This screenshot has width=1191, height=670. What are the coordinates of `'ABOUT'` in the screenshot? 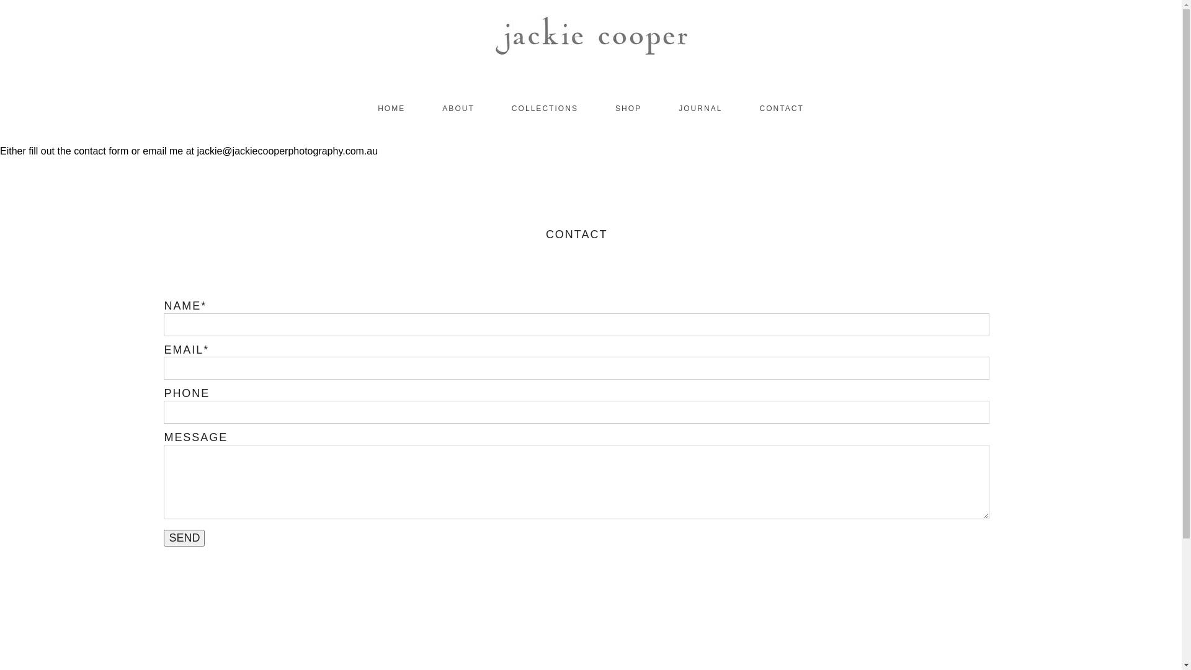 It's located at (458, 107).